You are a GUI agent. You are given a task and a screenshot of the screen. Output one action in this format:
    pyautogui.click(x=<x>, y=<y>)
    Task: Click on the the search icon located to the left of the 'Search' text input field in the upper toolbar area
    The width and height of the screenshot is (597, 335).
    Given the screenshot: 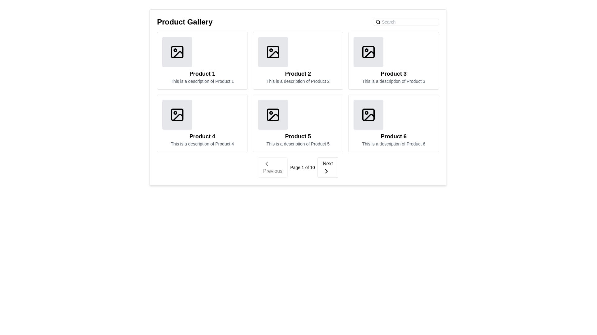 What is the action you would take?
    pyautogui.click(x=377, y=21)
    